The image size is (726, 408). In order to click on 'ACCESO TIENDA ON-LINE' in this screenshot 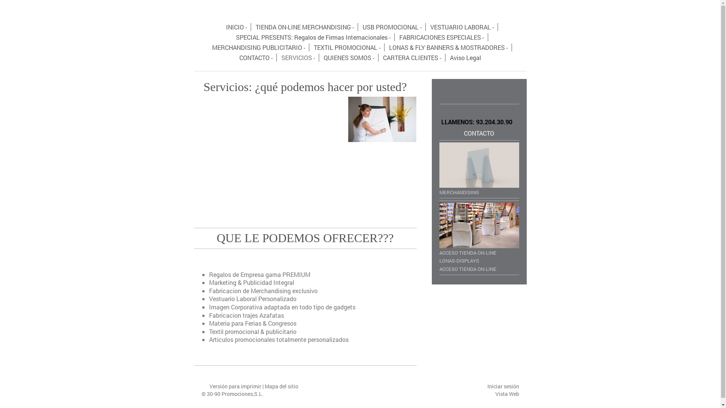, I will do `click(479, 268)`.